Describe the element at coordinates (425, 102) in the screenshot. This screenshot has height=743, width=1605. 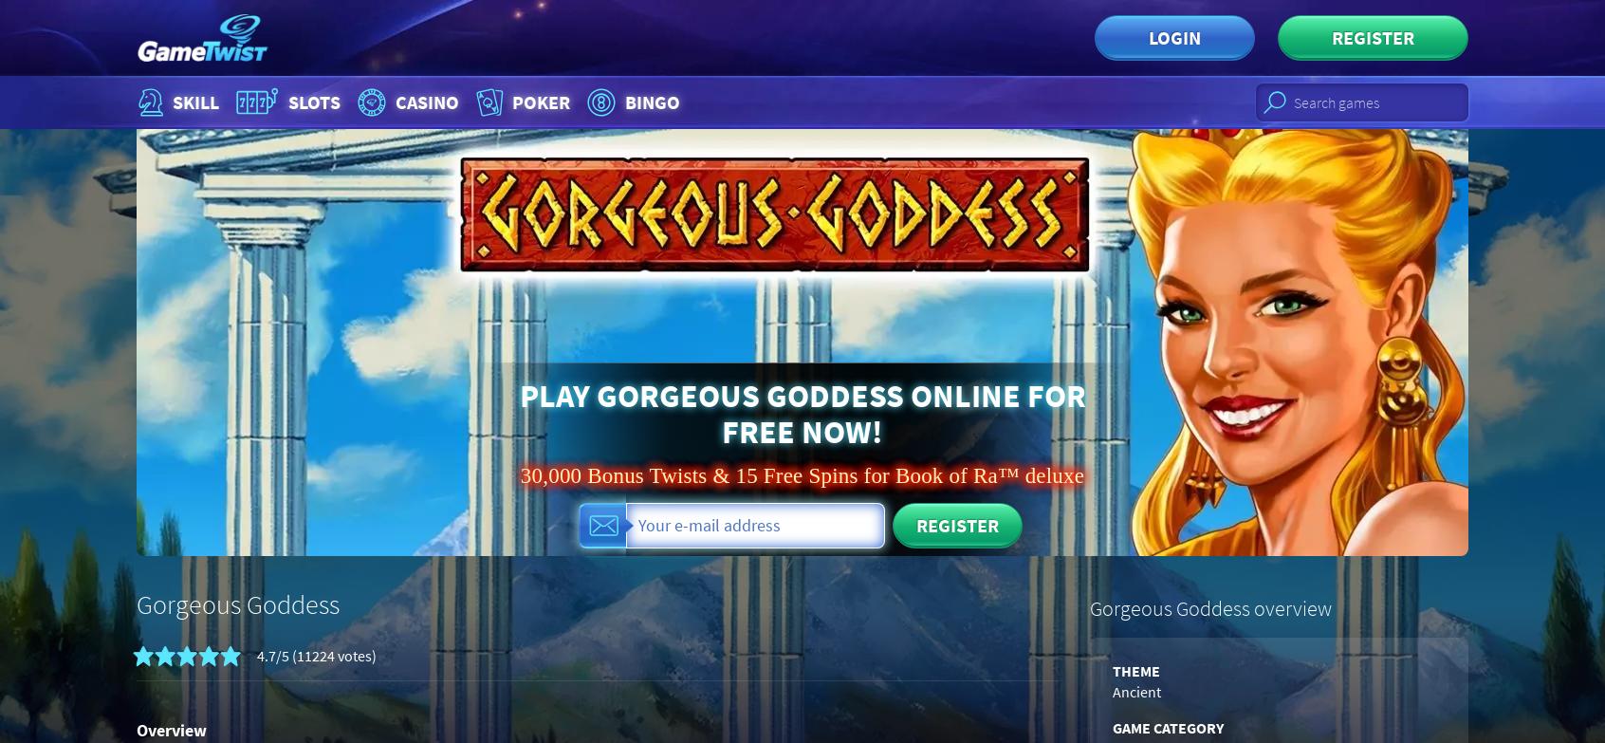
I see `'Casino'` at that location.